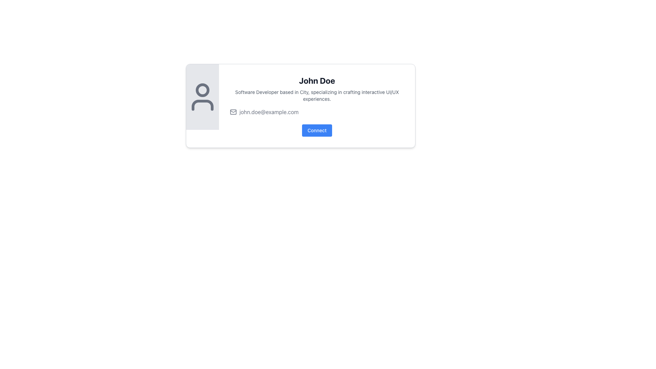 The width and height of the screenshot is (656, 369). What do you see at coordinates (233, 111) in the screenshot?
I see `the mail icon's flap design, which is part of an SVG graphic indicating email functionality, located to the left of the email text 'john.doe@example.com'` at bounding box center [233, 111].